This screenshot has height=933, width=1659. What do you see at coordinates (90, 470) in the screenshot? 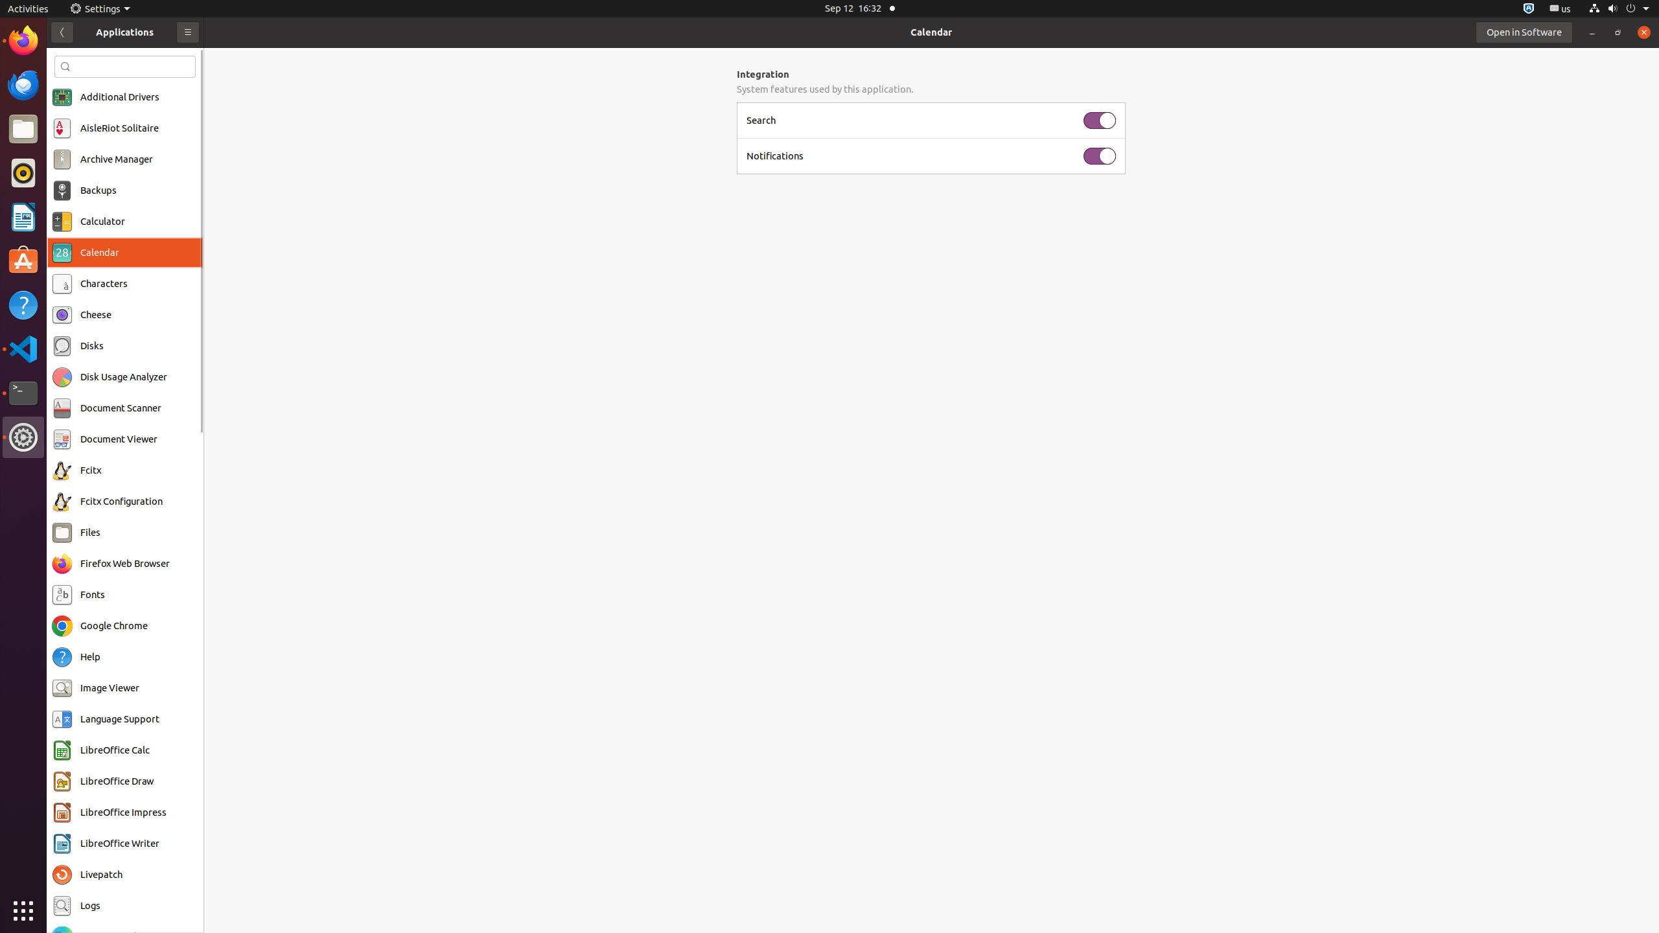
I see `'Fcitx'` at bounding box center [90, 470].